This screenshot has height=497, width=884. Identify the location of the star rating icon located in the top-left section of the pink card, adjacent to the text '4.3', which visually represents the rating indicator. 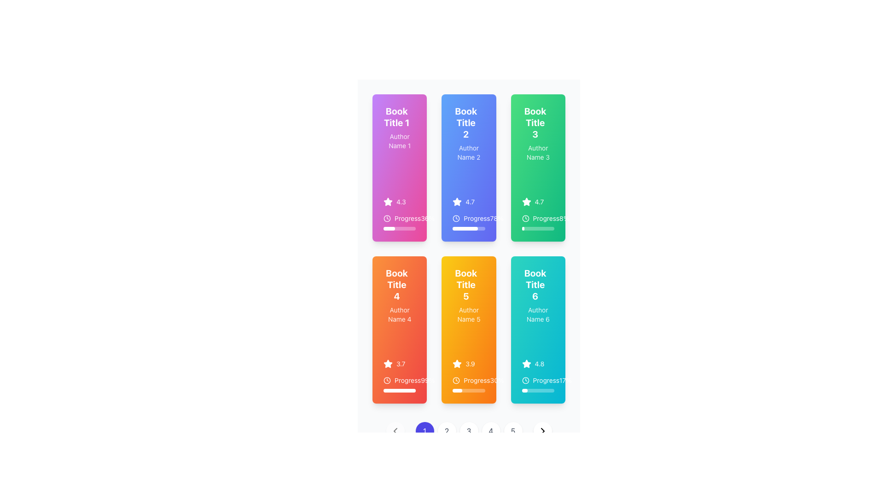
(388, 202).